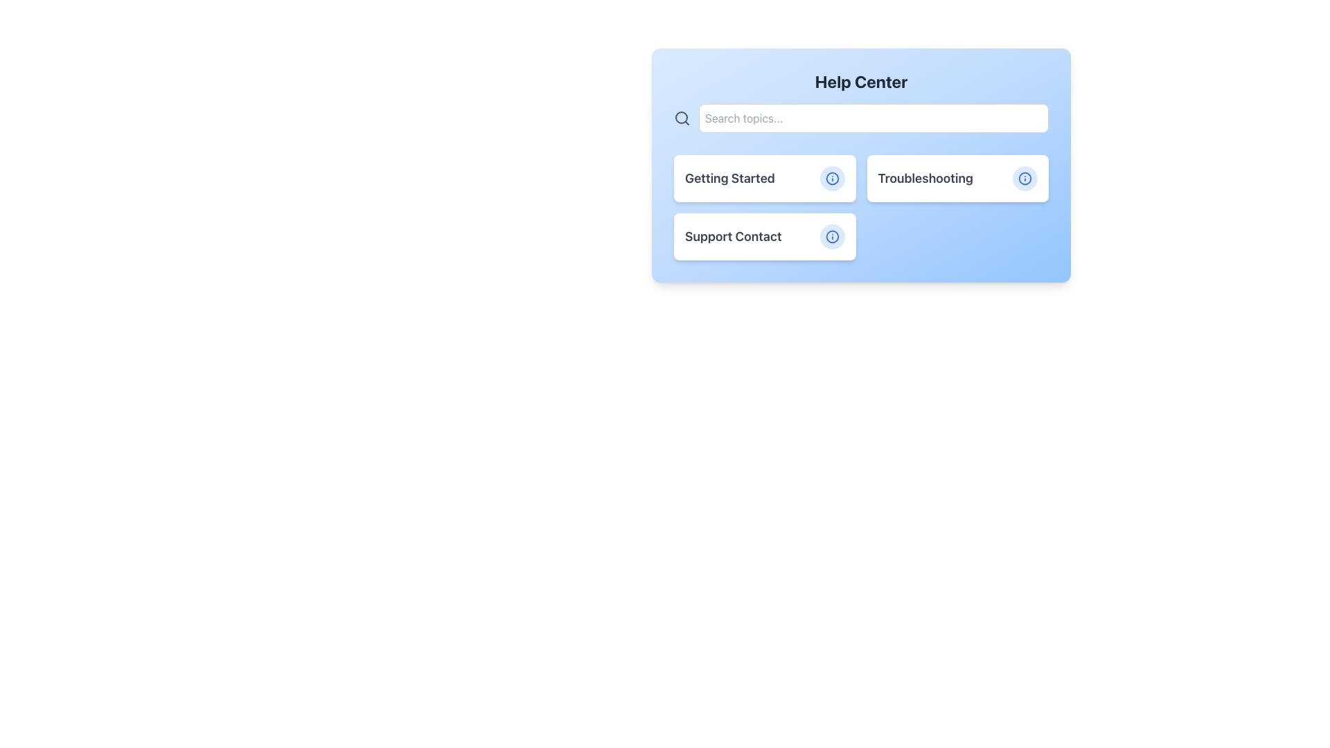  I want to click on the circular blue button with an information icon, so click(831, 236).